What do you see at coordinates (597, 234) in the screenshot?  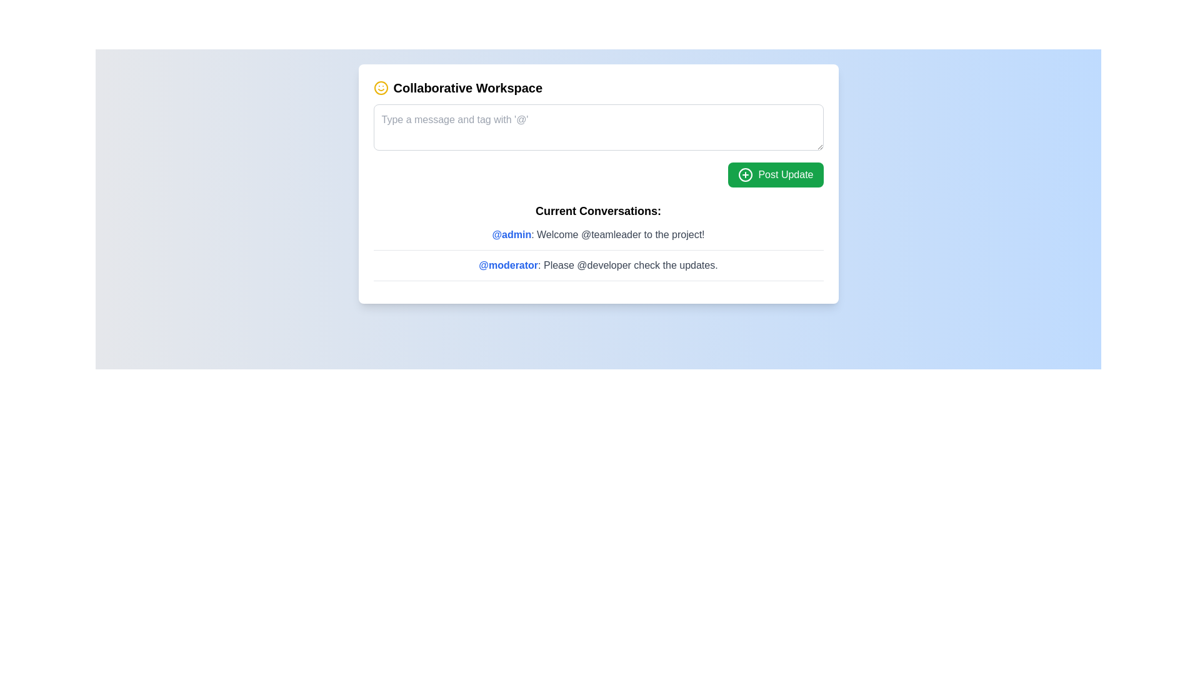 I see `the message starting with '@admin' and containing '@teamleader' in the conversation panel by clicking on it` at bounding box center [597, 234].